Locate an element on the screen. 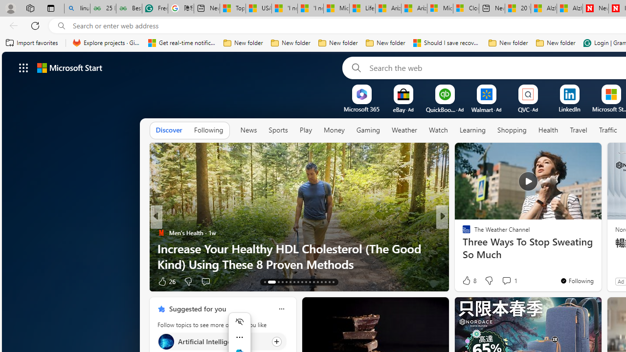  'Travel' is located at coordinates (579, 130).